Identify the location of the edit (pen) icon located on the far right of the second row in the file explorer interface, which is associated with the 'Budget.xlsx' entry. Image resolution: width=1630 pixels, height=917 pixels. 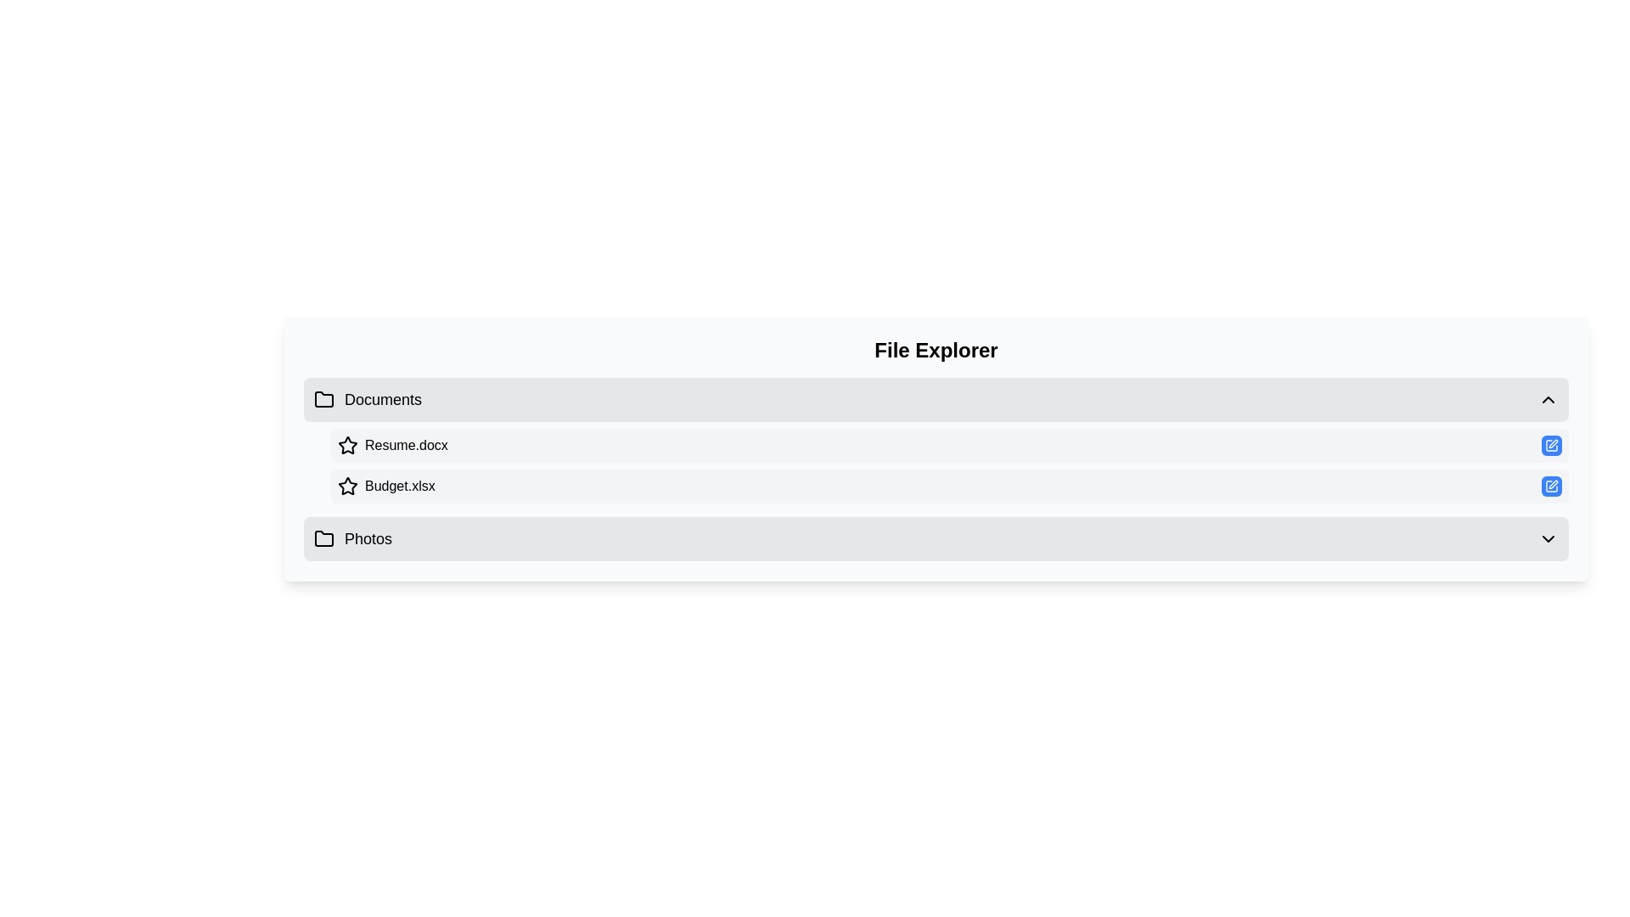
(1553, 484).